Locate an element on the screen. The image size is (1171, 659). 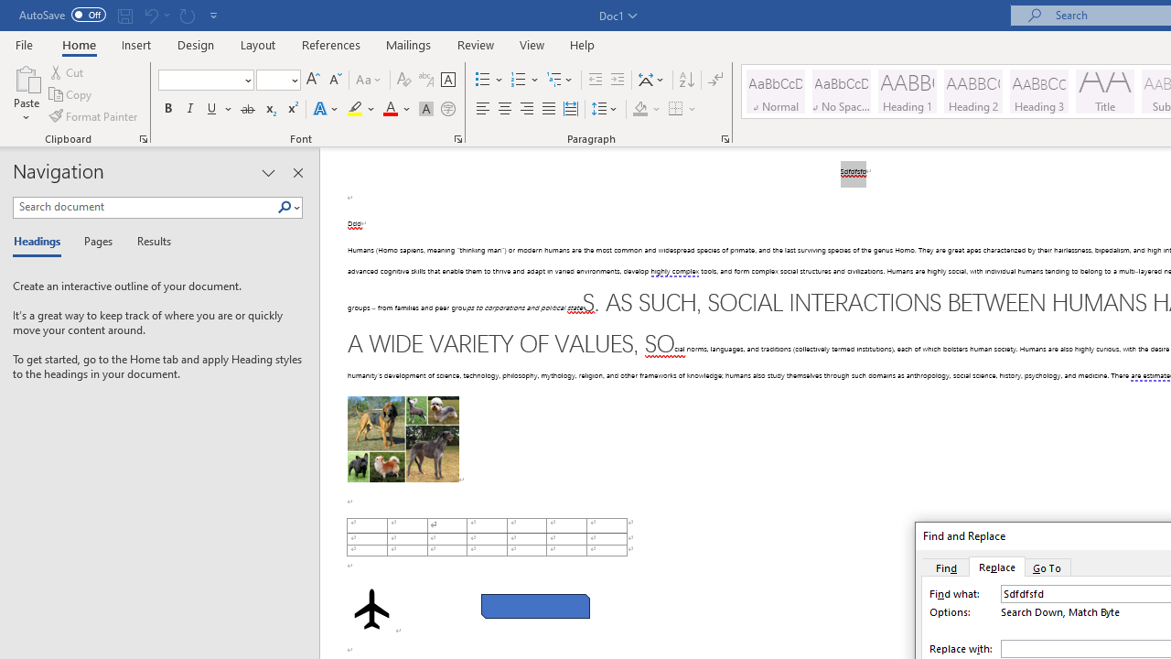
'Font Color Red' is located at coordinates (389, 109).